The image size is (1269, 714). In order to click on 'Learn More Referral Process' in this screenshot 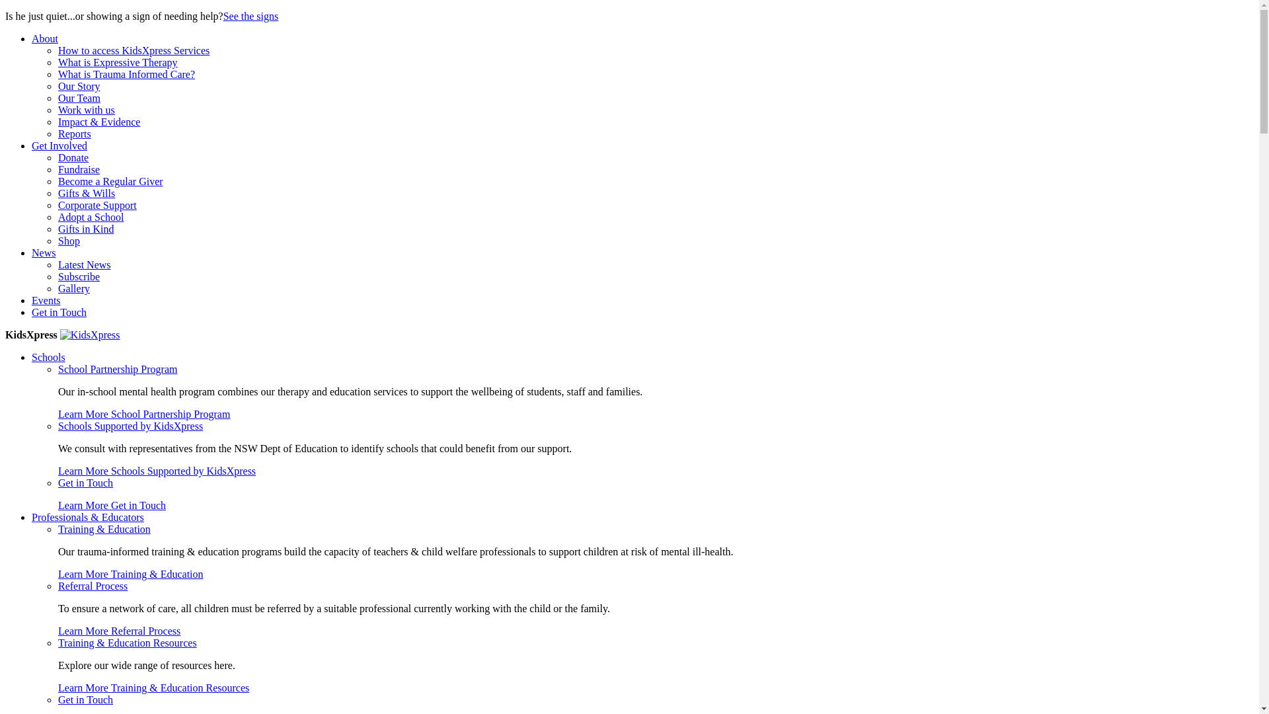, I will do `click(119, 630)`.